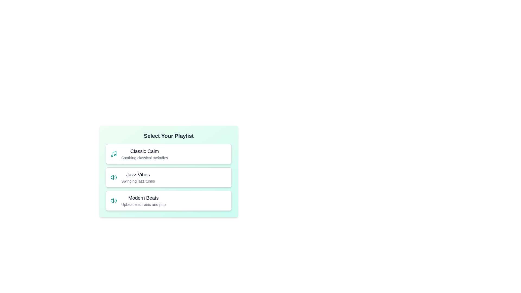  I want to click on text content of the Text display element labeled 'Classic Calm' which features soothing classical melodies in a smaller font beneath it, so click(144, 154).